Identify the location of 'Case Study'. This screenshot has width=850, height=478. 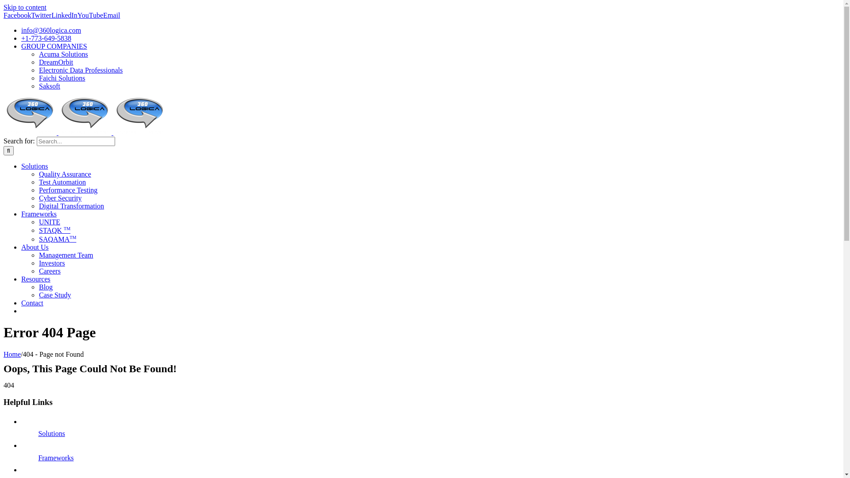
(54, 295).